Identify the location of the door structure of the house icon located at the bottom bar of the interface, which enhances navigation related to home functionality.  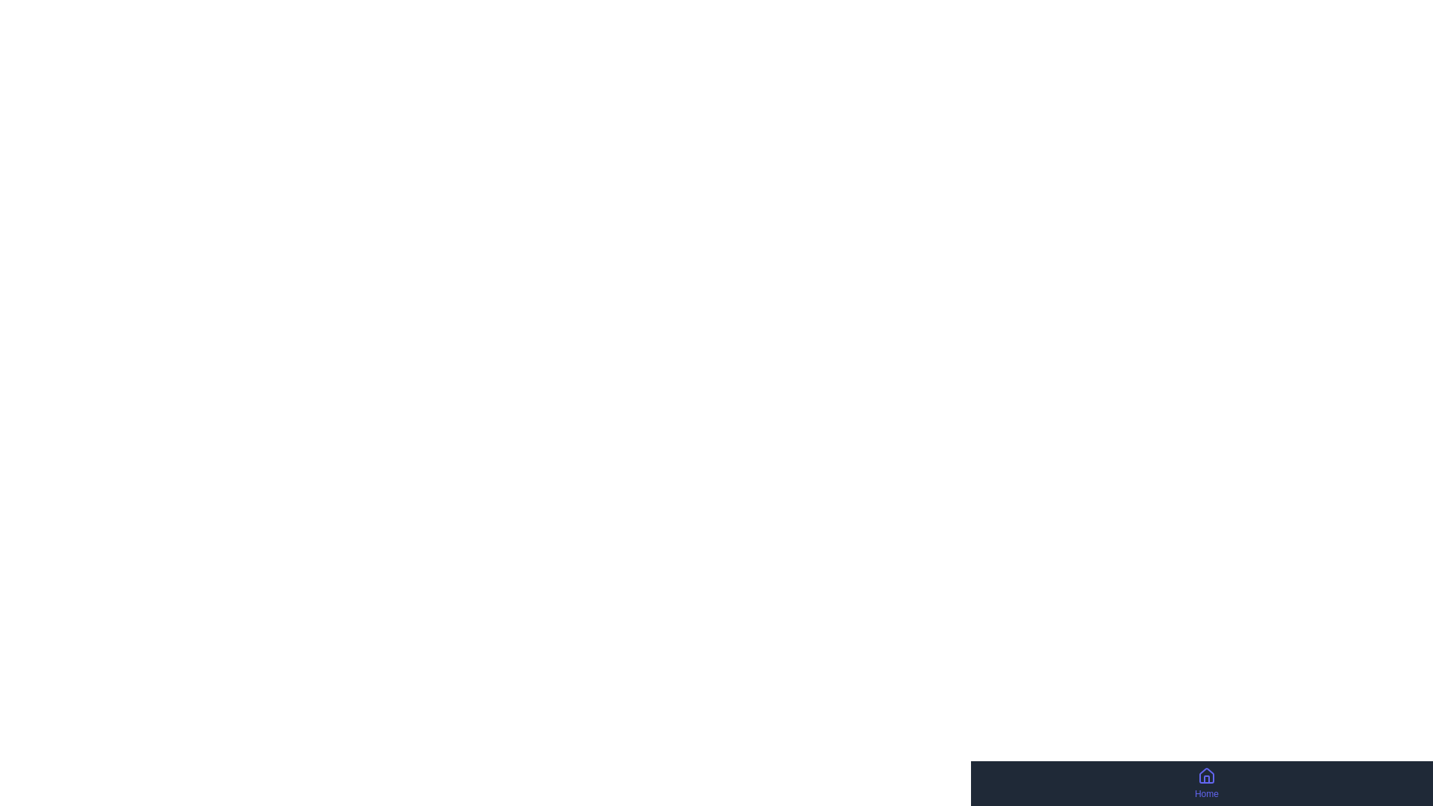
(1206, 778).